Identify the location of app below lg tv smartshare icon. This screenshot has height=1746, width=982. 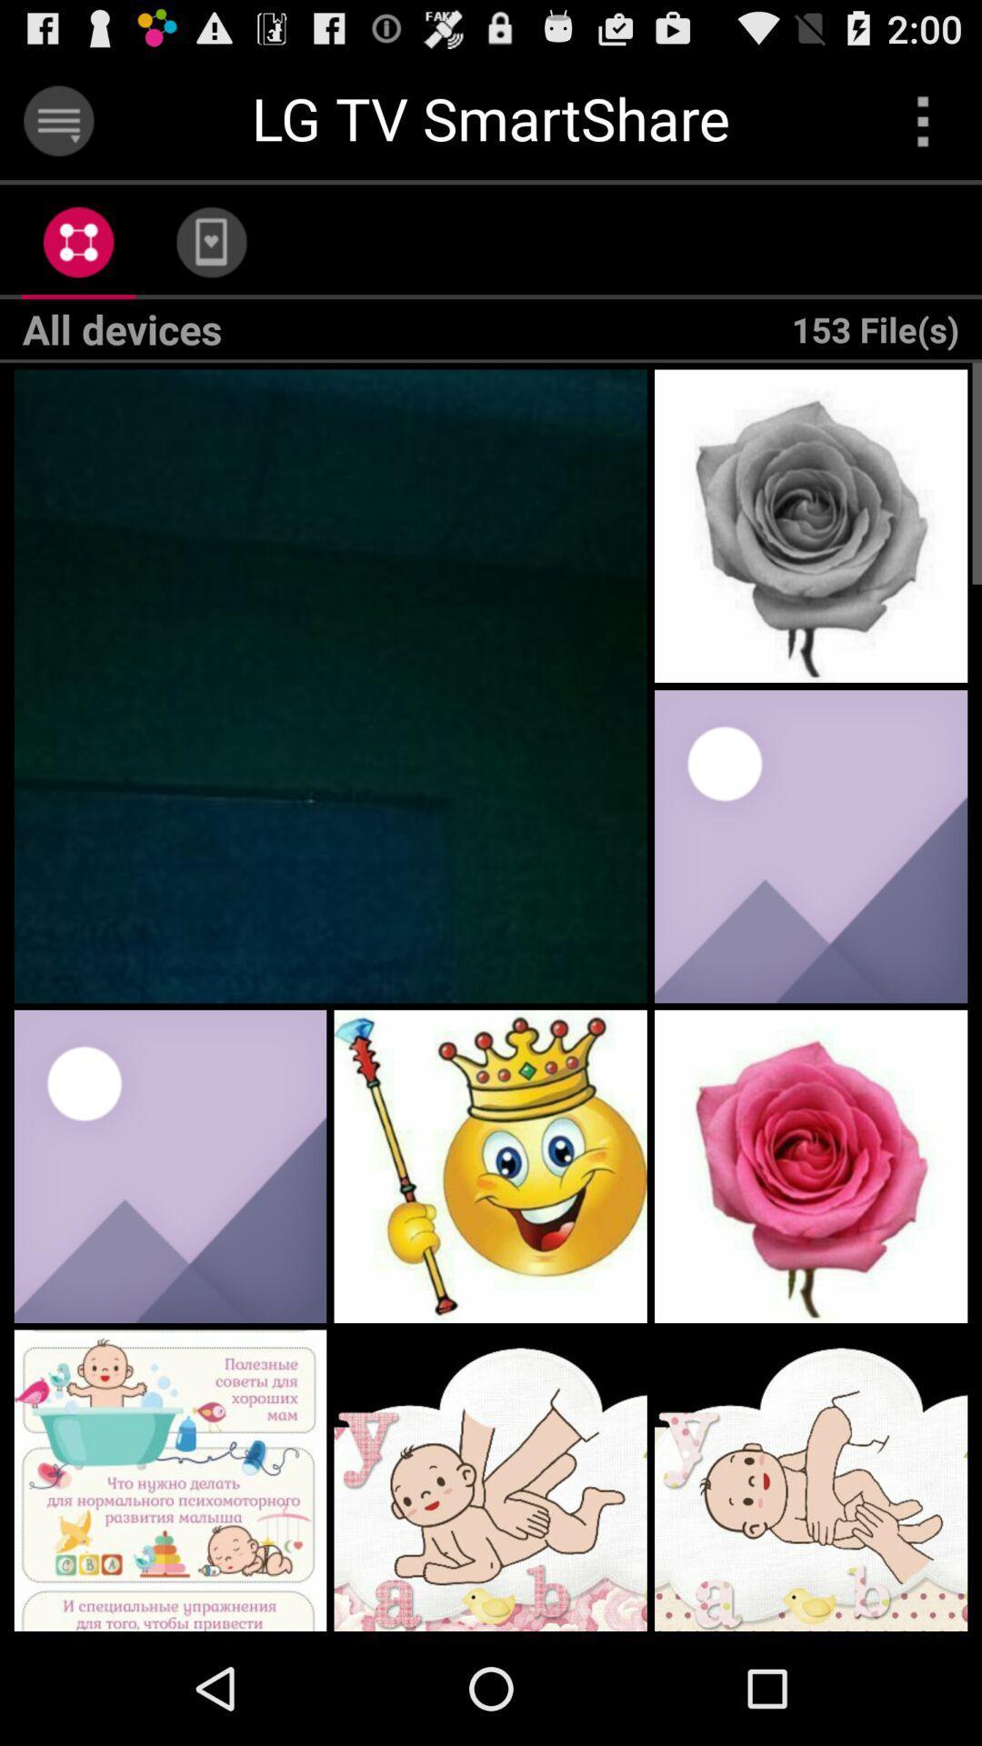
(210, 241).